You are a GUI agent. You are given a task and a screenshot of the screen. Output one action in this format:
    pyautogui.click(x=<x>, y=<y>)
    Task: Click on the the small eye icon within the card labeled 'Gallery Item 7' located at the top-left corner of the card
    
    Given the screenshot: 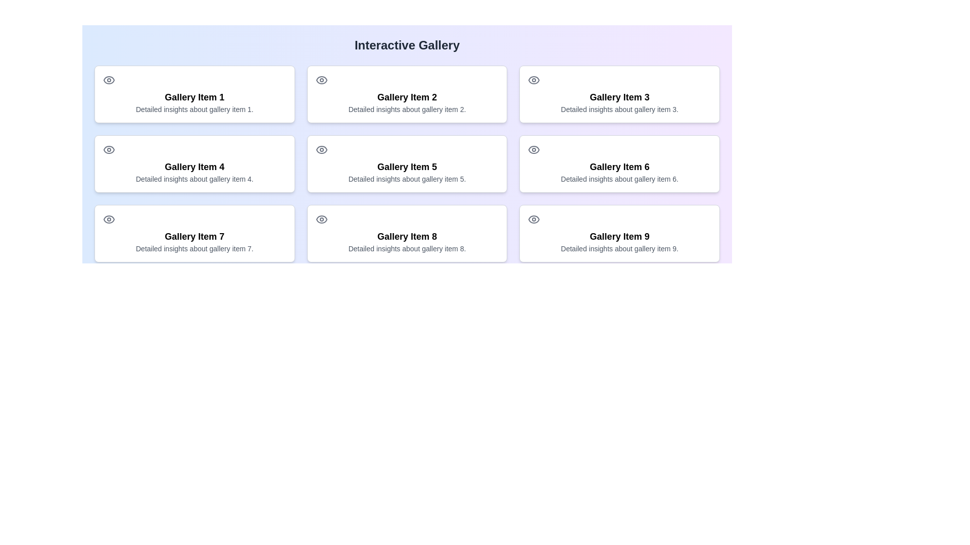 What is the action you would take?
    pyautogui.click(x=109, y=219)
    